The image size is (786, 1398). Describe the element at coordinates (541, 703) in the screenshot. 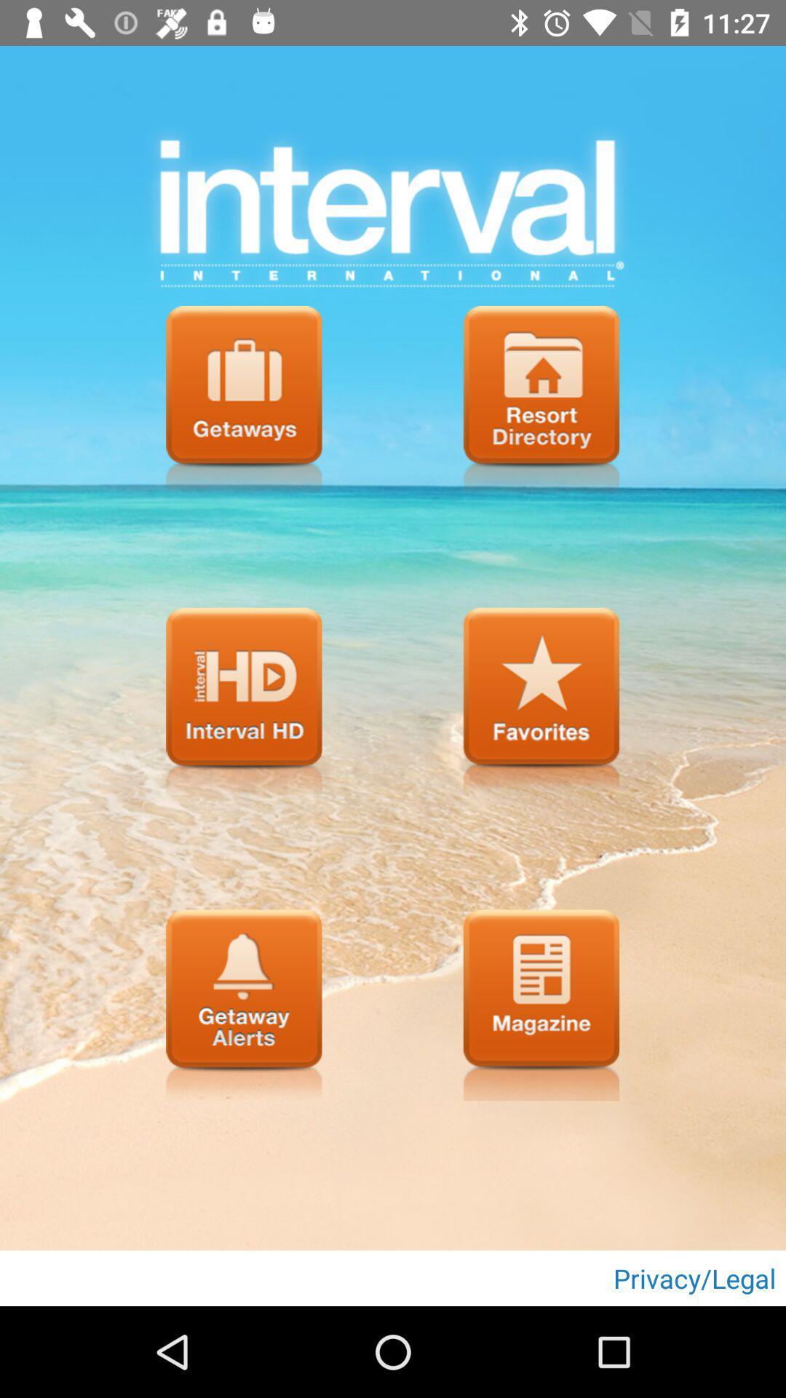

I see `menu button` at that location.